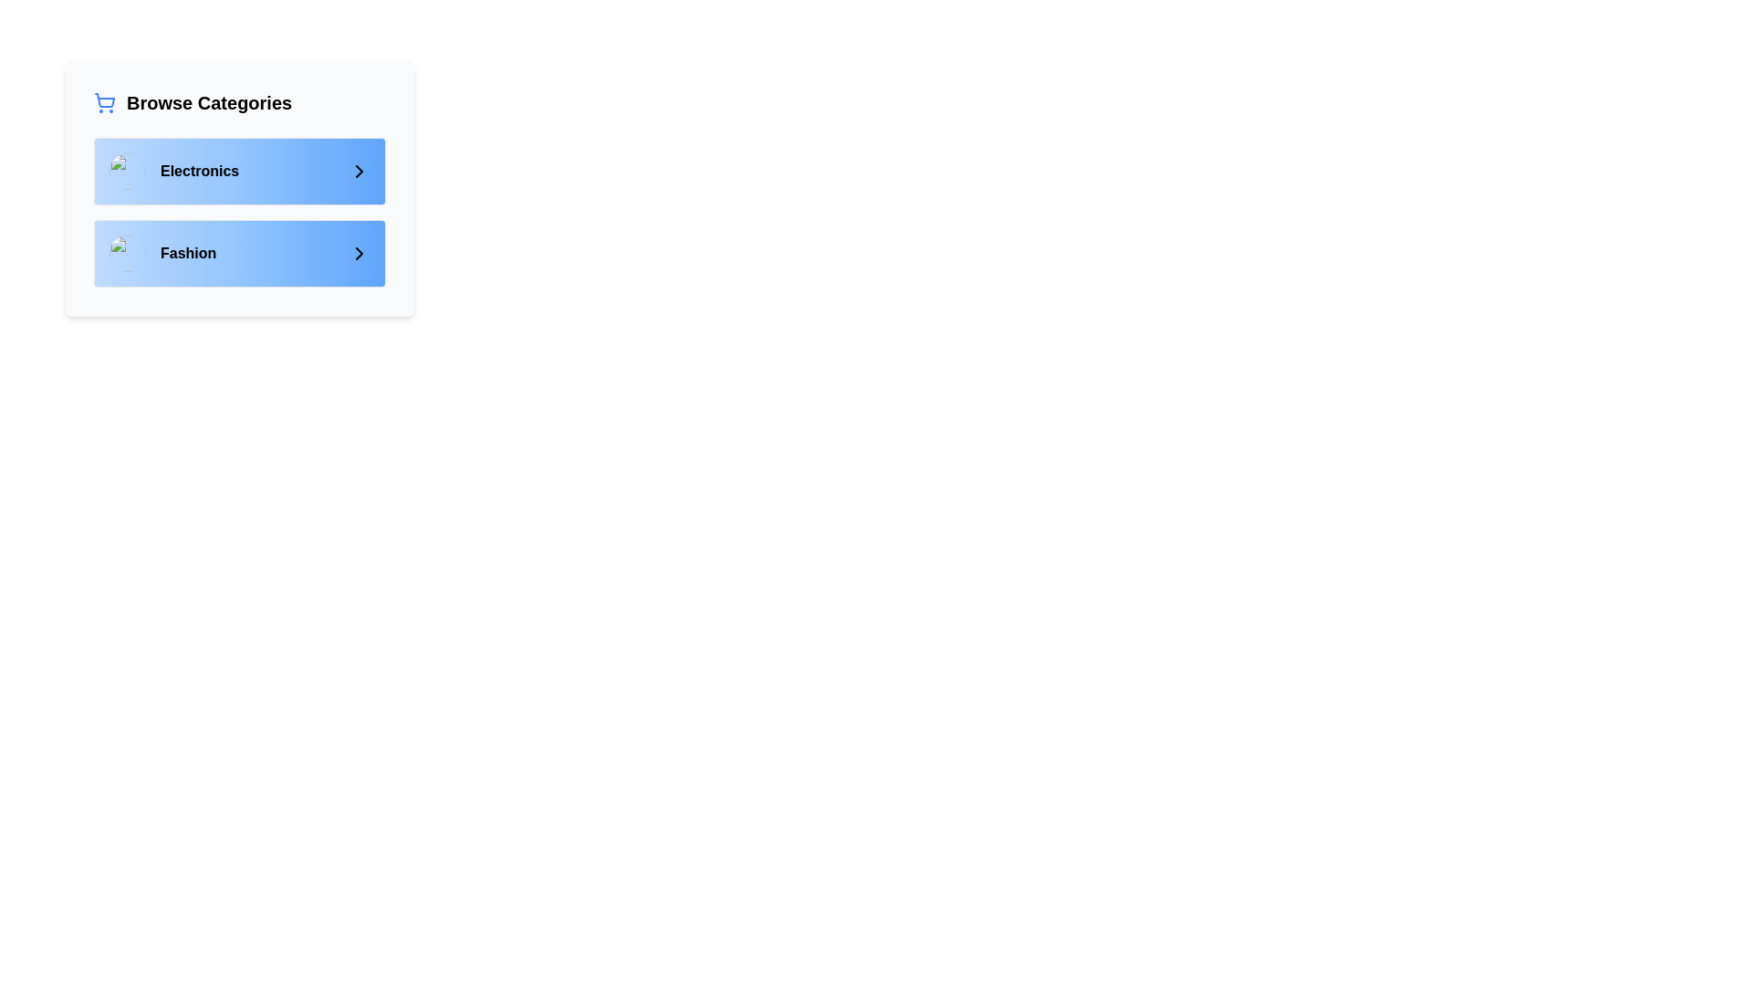 The width and height of the screenshot is (1752, 986). I want to click on the first item in the 'Browse Categories' panel, so click(239, 172).